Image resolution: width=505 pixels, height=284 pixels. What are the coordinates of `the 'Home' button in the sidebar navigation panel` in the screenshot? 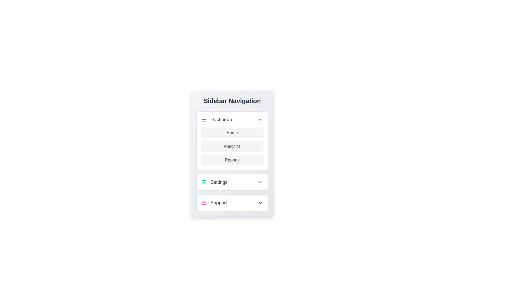 It's located at (232, 133).